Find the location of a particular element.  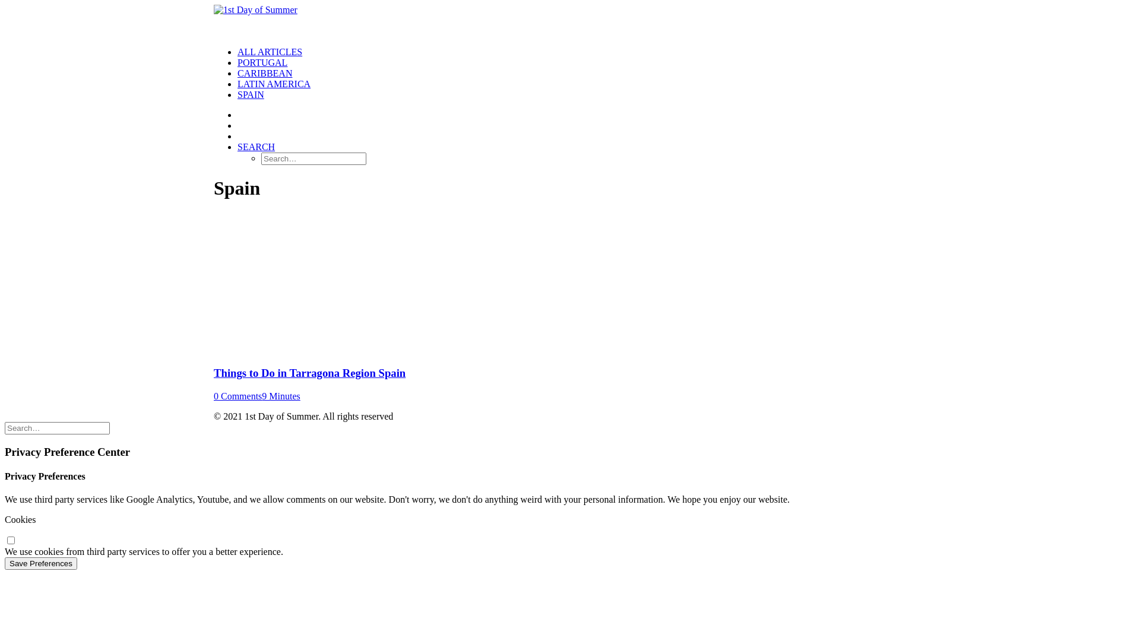

'LATIN AMERICA' is located at coordinates (237, 83).